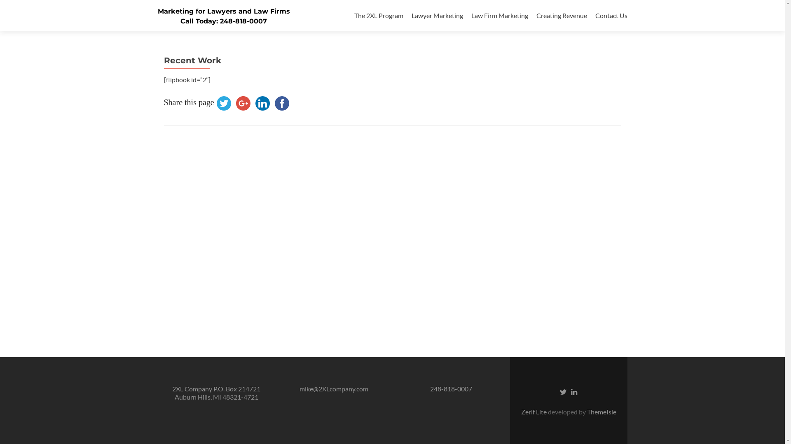 The width and height of the screenshot is (791, 444). I want to click on 'Contact Us', so click(611, 15).